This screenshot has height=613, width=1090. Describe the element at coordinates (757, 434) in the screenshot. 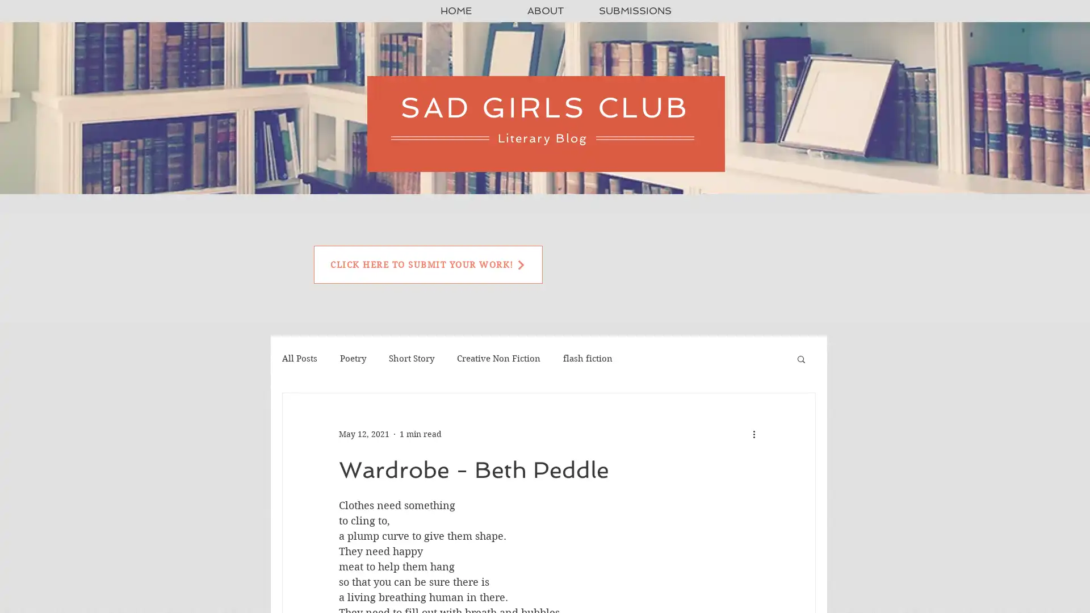

I see `More actions` at that location.